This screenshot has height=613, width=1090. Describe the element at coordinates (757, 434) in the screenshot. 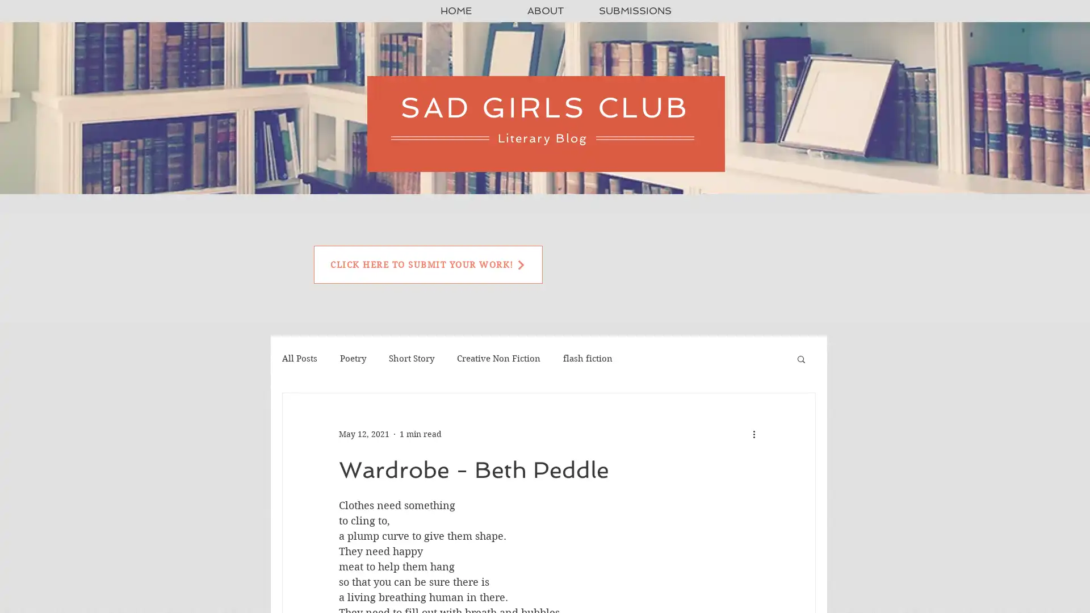

I see `More actions` at that location.